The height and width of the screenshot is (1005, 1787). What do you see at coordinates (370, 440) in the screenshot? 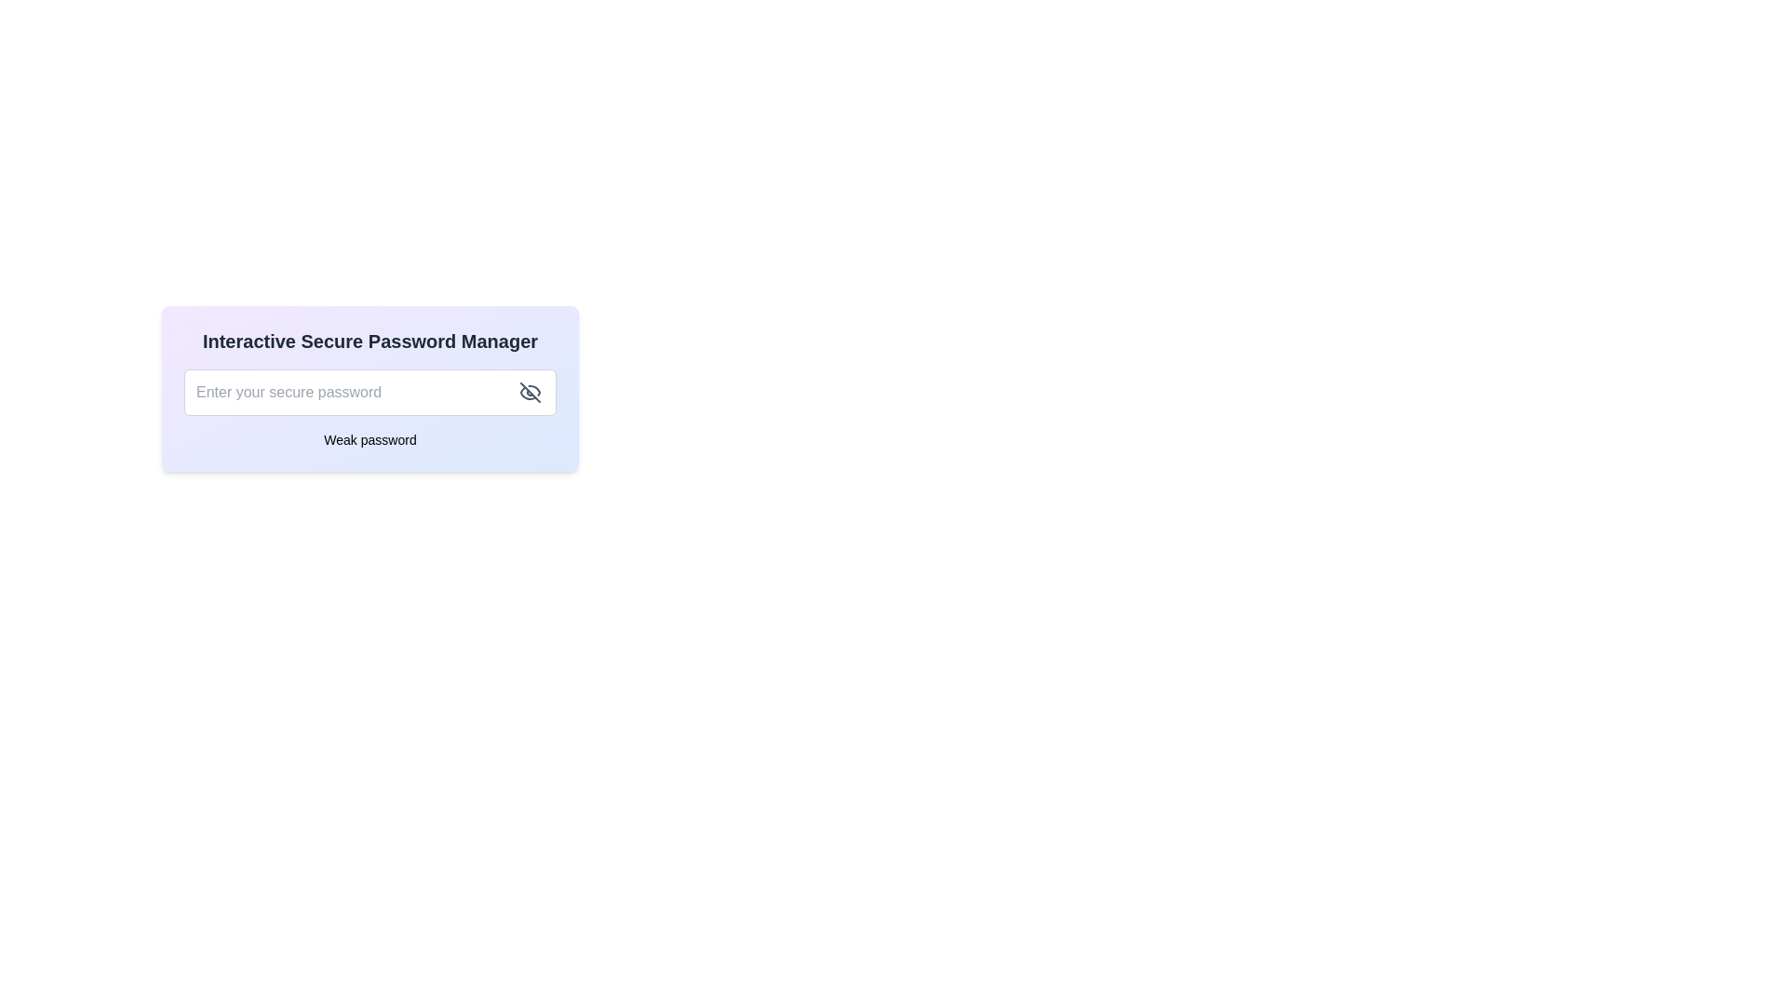
I see `the text label that states 'Weak password', which is positioned below the password input field in the Interactive Secure Password Manager interface` at bounding box center [370, 440].